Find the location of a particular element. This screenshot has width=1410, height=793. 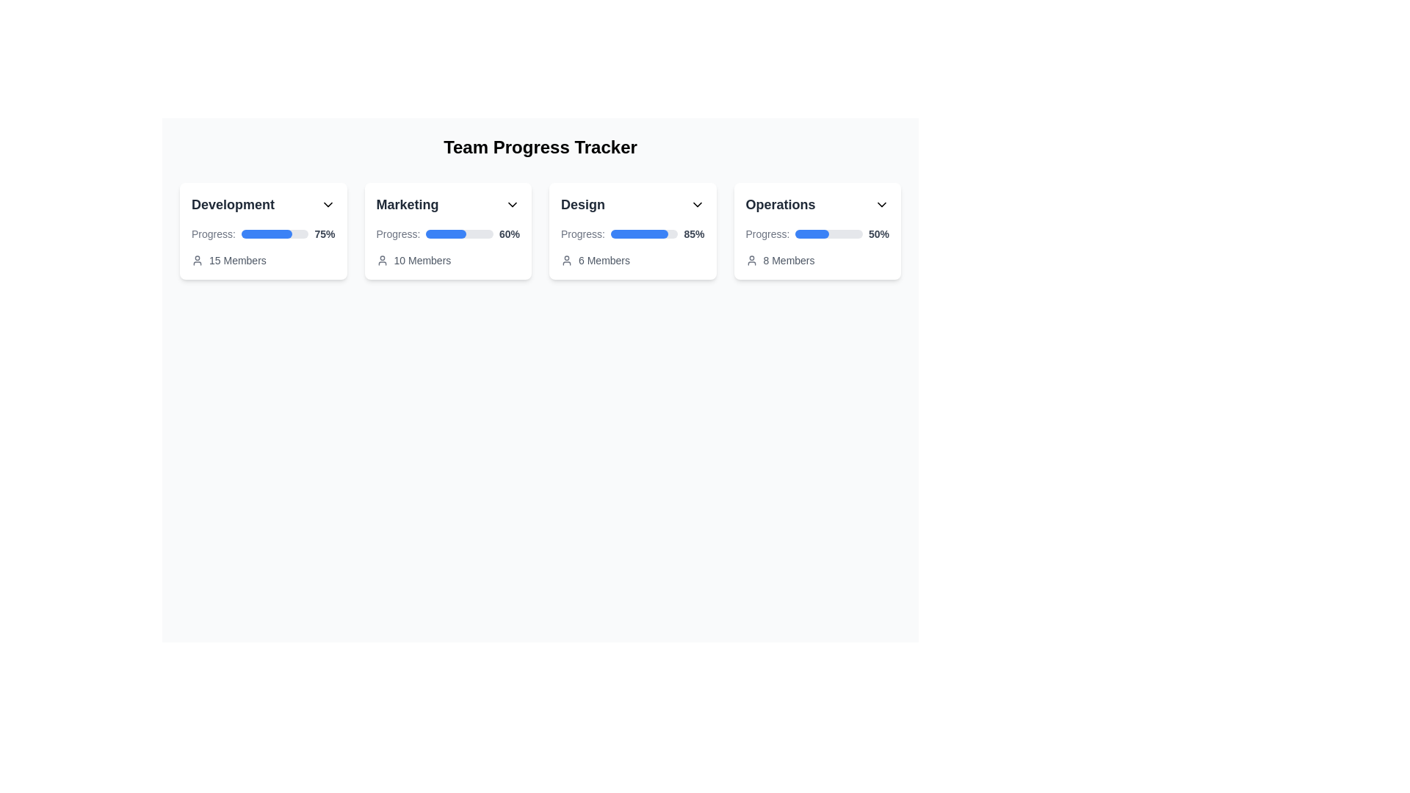

static text label indicating progress representation, which is positioned within the 'Development' card at the top-center, to the left of the progress bar and percentage text is located at coordinates (212, 233).